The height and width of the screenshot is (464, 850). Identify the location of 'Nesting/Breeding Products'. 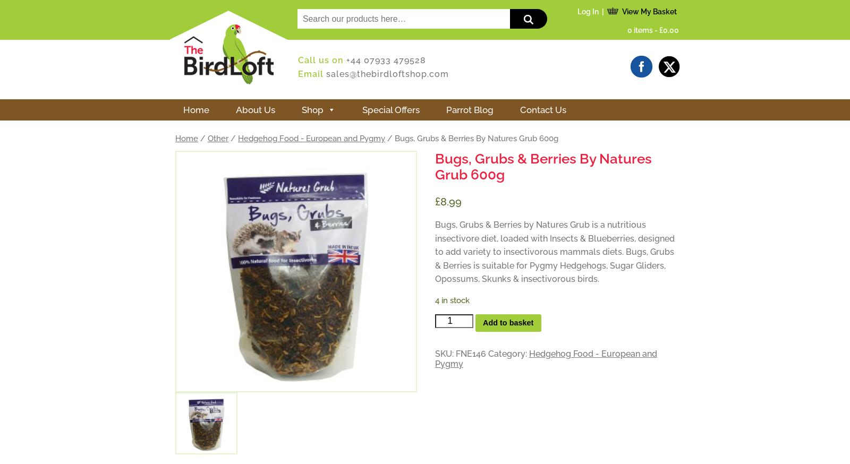
(419, 145).